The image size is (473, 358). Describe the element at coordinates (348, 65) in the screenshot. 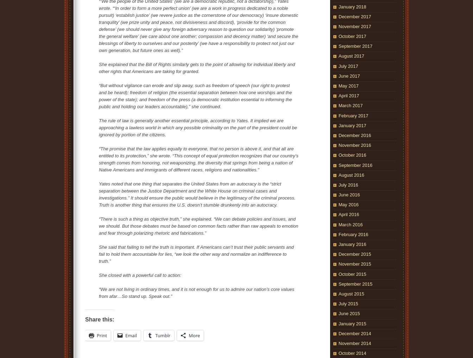

I see `'July 2017'` at that location.